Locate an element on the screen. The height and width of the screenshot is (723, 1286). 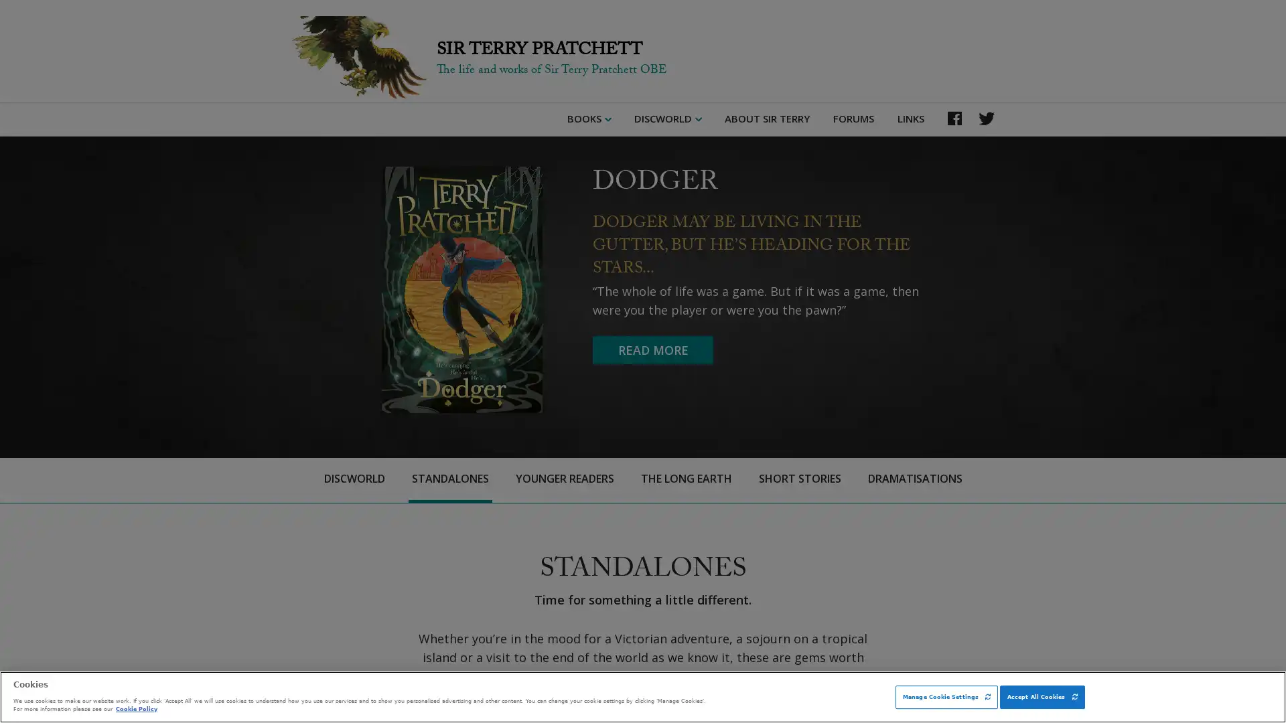
Manage Cookie Settings is located at coordinates (946, 696).